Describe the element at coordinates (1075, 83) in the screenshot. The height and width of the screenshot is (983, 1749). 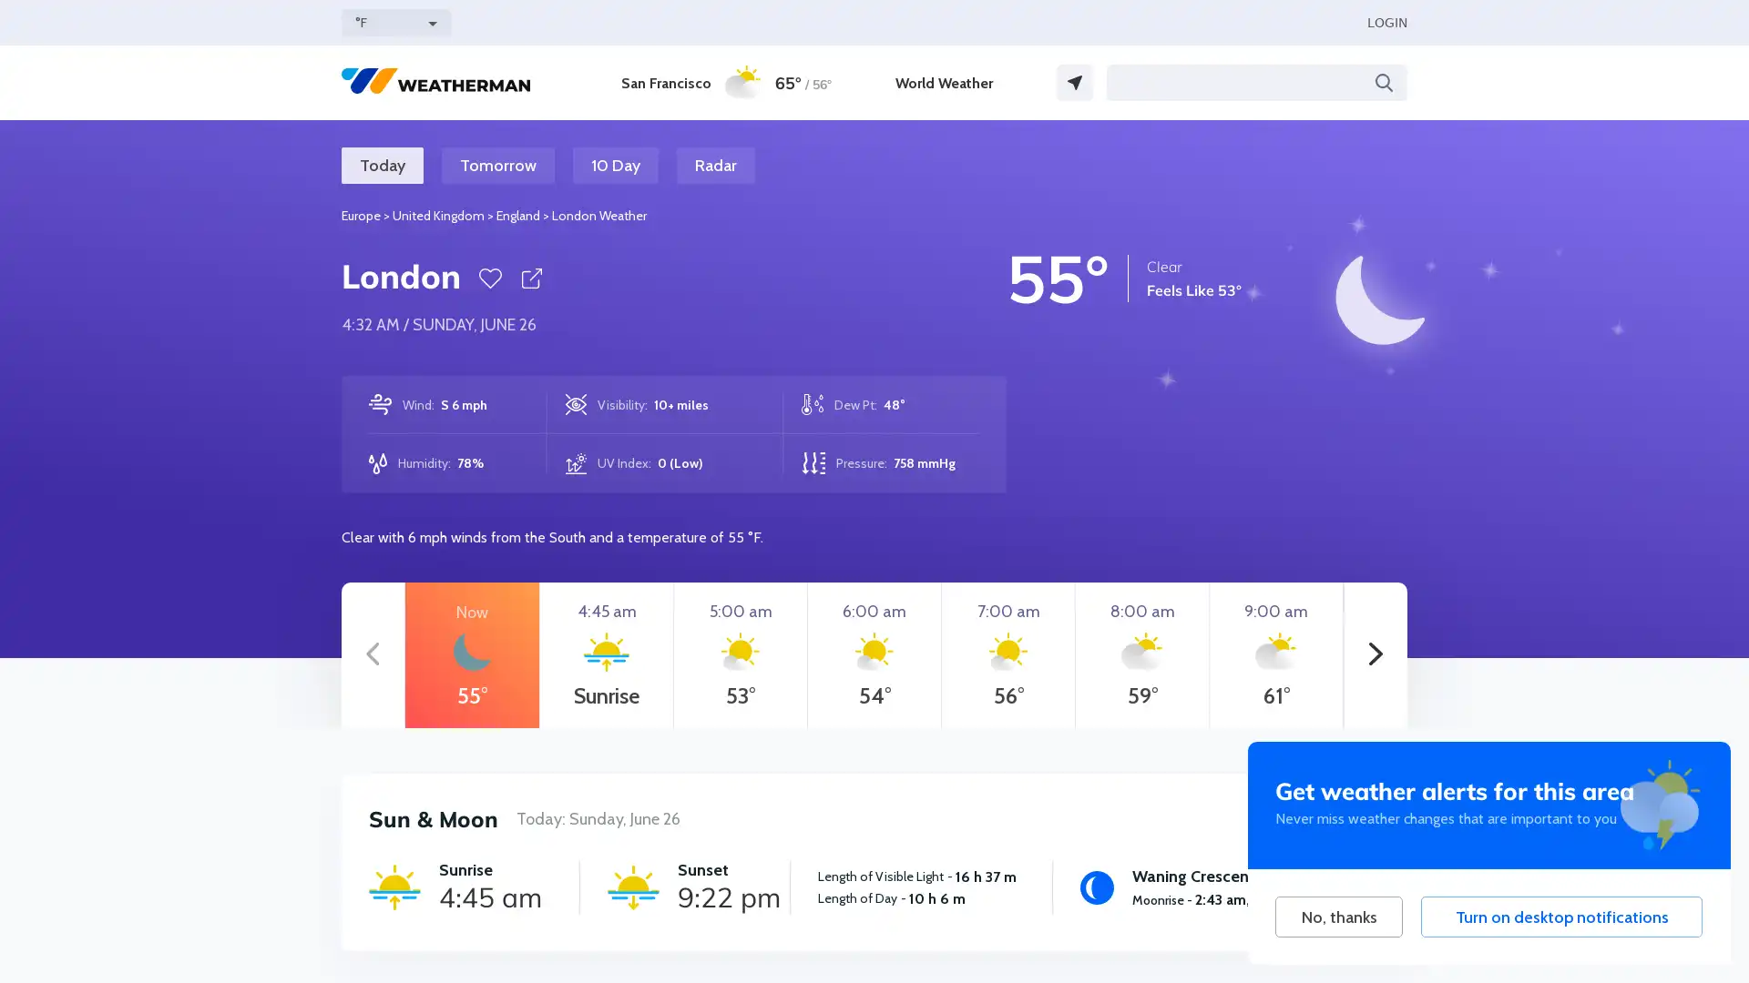
I see `GPS Location` at that location.